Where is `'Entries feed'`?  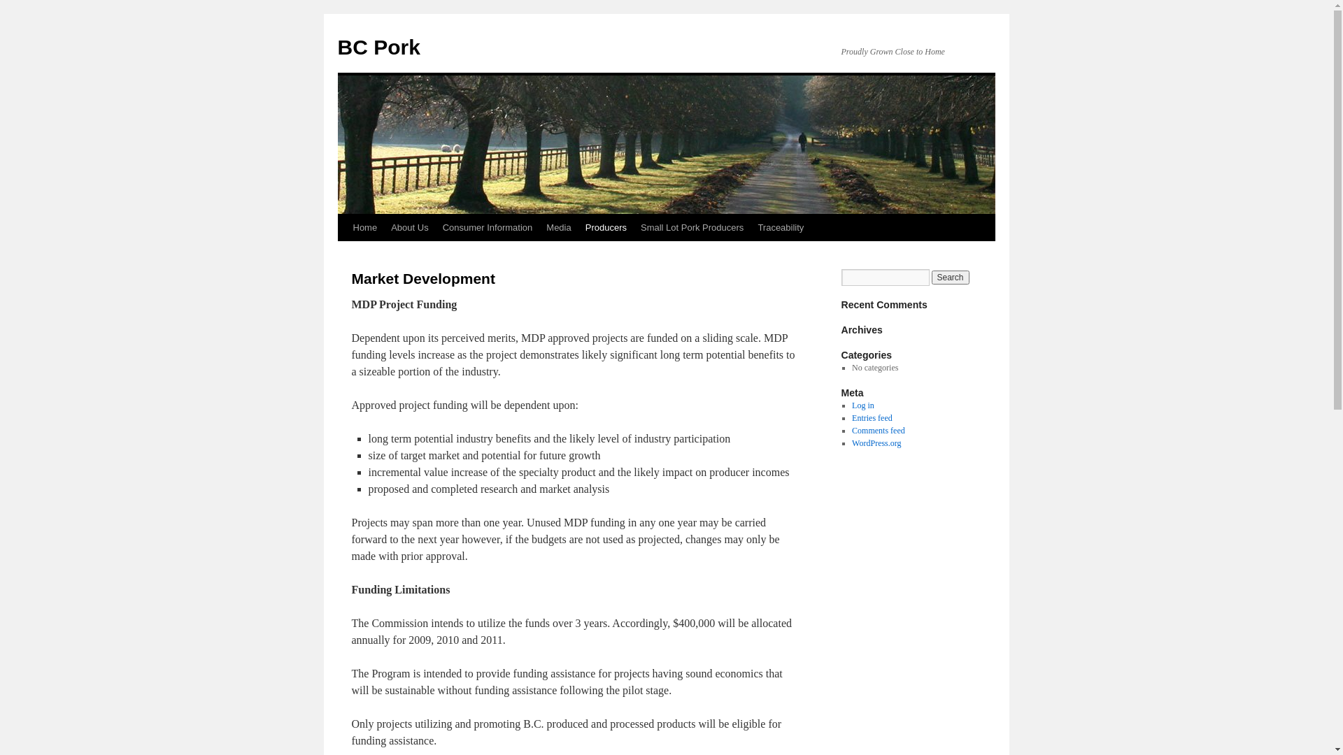
'Entries feed' is located at coordinates (872, 417).